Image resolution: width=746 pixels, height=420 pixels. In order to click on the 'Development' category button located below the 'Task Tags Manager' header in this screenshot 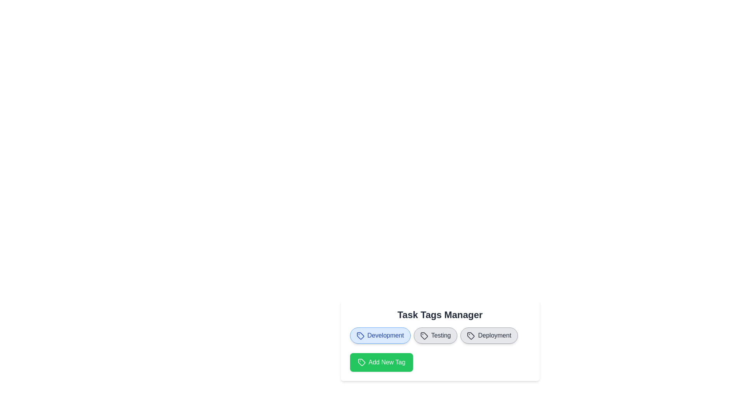, I will do `click(380, 335)`.